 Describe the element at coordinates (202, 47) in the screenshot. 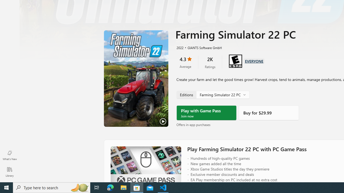

I see `'GIANTS Software GmbH'` at that location.